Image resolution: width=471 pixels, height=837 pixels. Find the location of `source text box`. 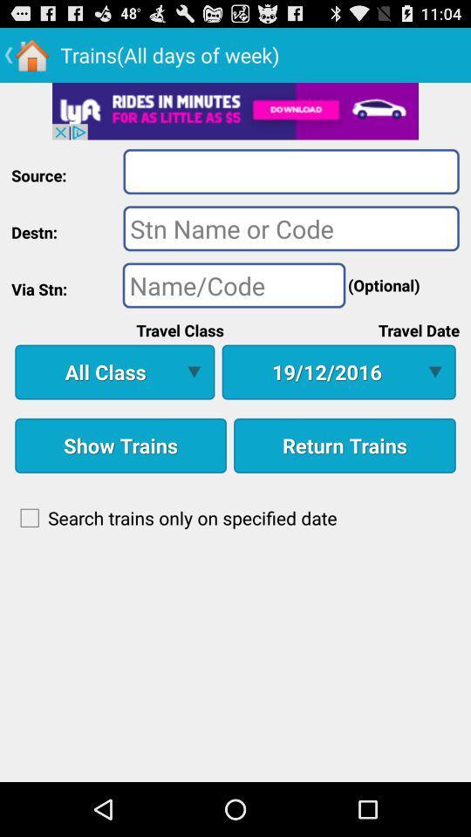

source text box is located at coordinates (291, 171).